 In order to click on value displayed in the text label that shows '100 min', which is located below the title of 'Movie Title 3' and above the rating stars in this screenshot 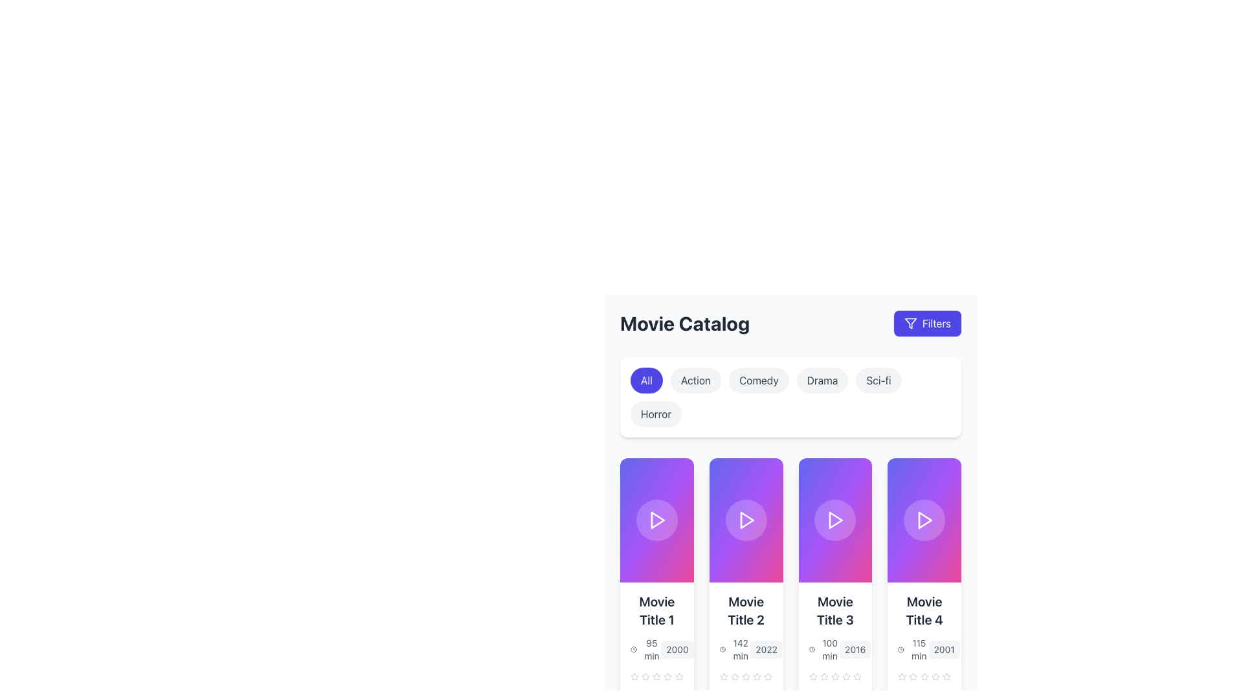, I will do `click(823, 649)`.